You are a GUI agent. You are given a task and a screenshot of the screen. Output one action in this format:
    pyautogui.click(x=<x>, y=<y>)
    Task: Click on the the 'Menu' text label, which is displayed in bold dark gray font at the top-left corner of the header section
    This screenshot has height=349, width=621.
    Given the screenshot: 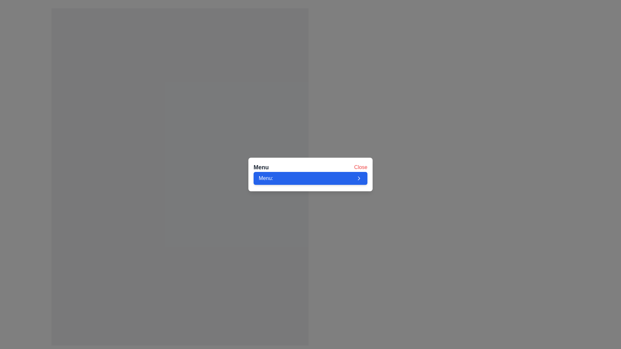 What is the action you would take?
    pyautogui.click(x=261, y=167)
    